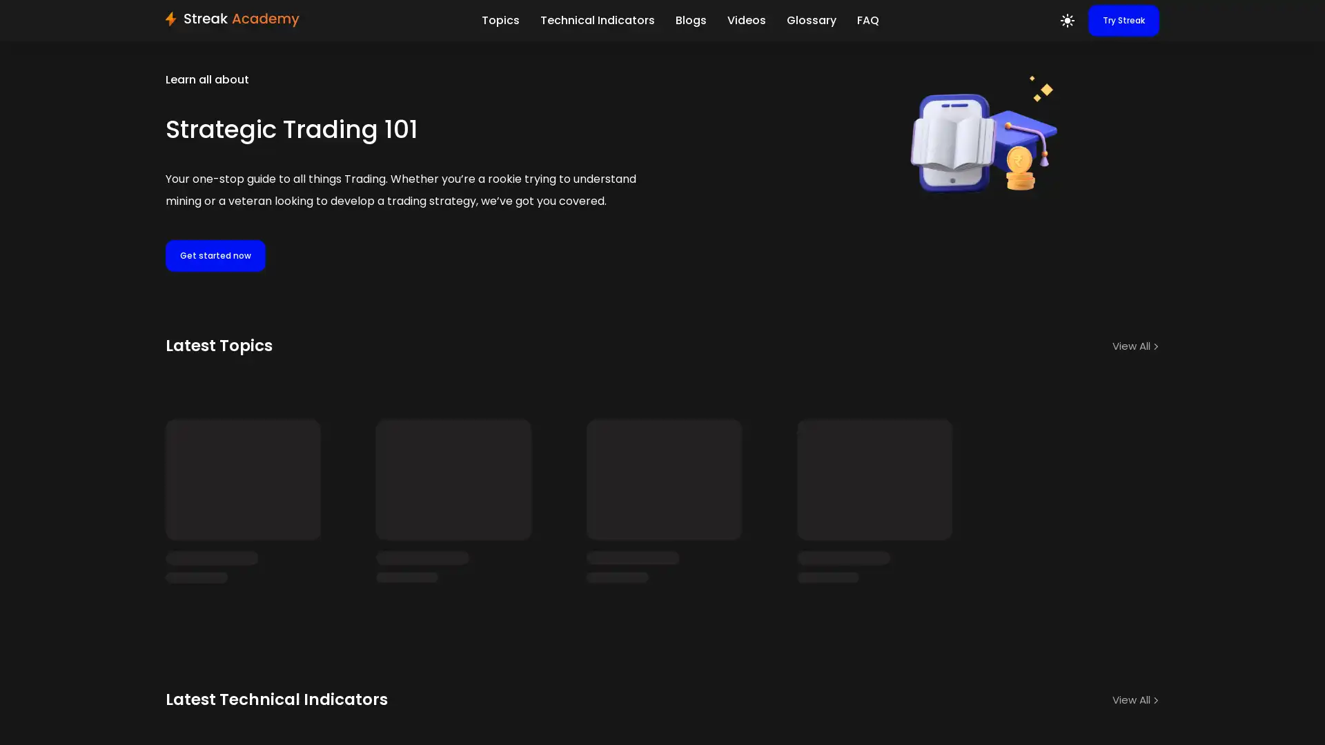 The image size is (1325, 745). What do you see at coordinates (596, 21) in the screenshot?
I see `Technical Indicators` at bounding box center [596, 21].